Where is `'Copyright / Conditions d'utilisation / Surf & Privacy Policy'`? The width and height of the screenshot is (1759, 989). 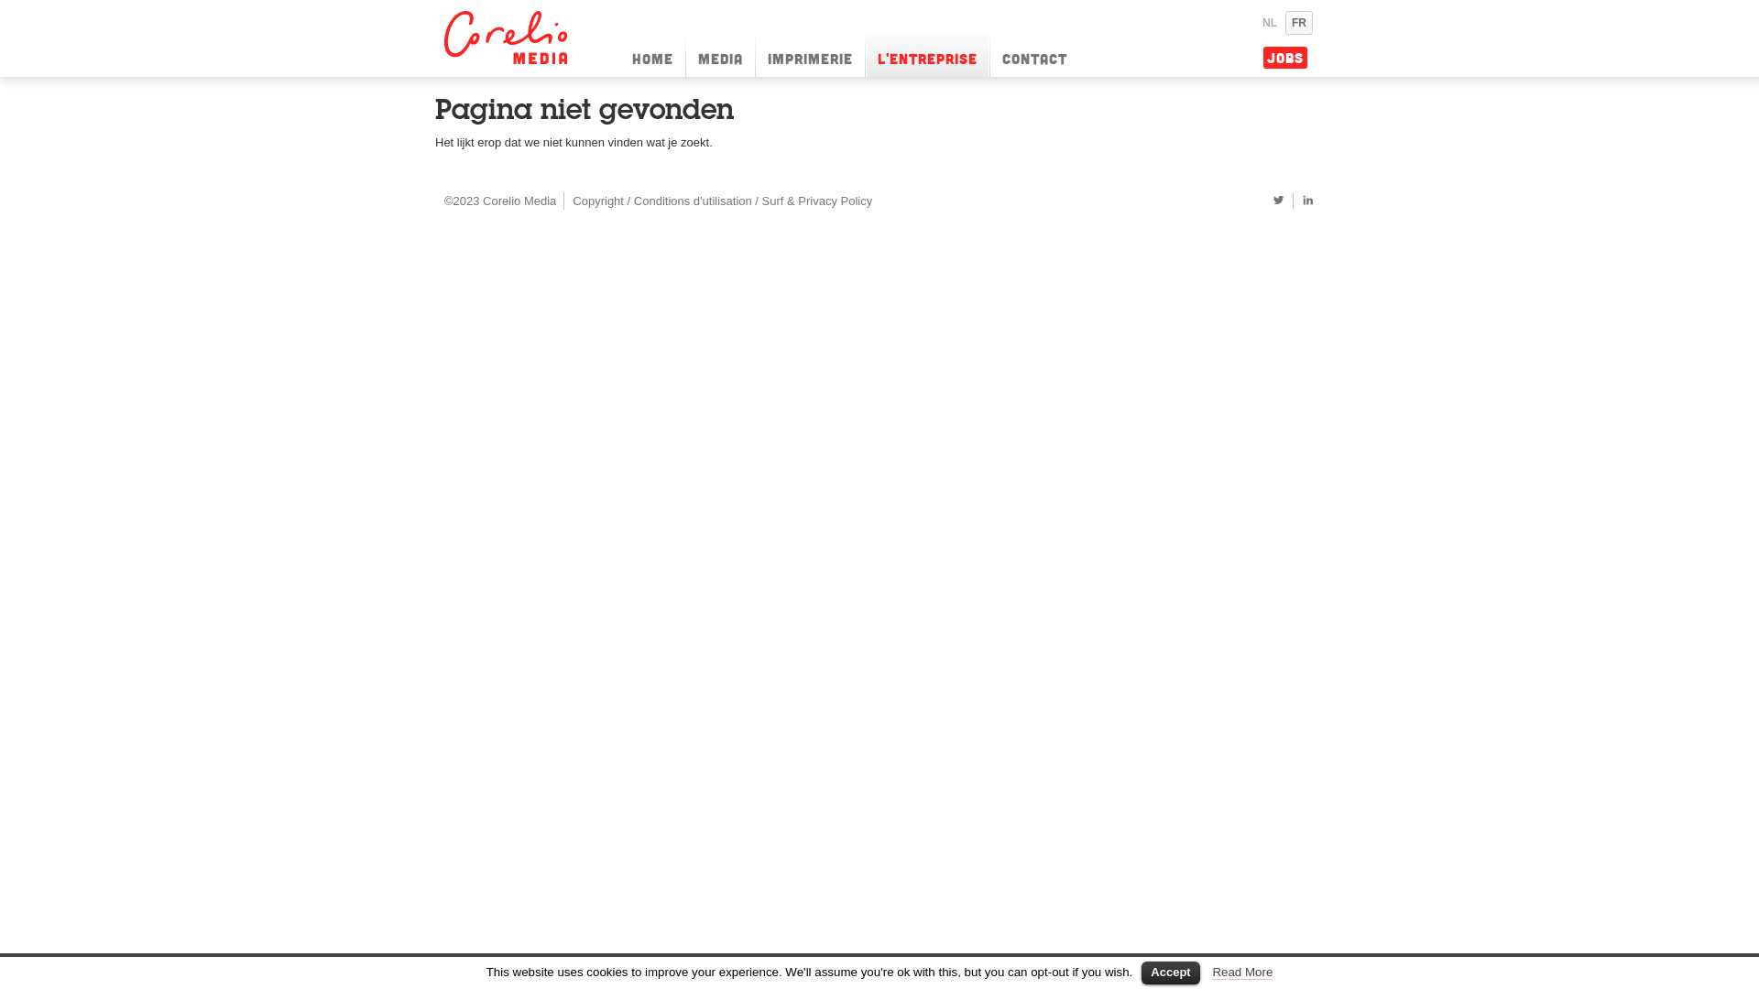
'Copyright / Conditions d'utilisation / Surf & Privacy Policy' is located at coordinates (721, 200).